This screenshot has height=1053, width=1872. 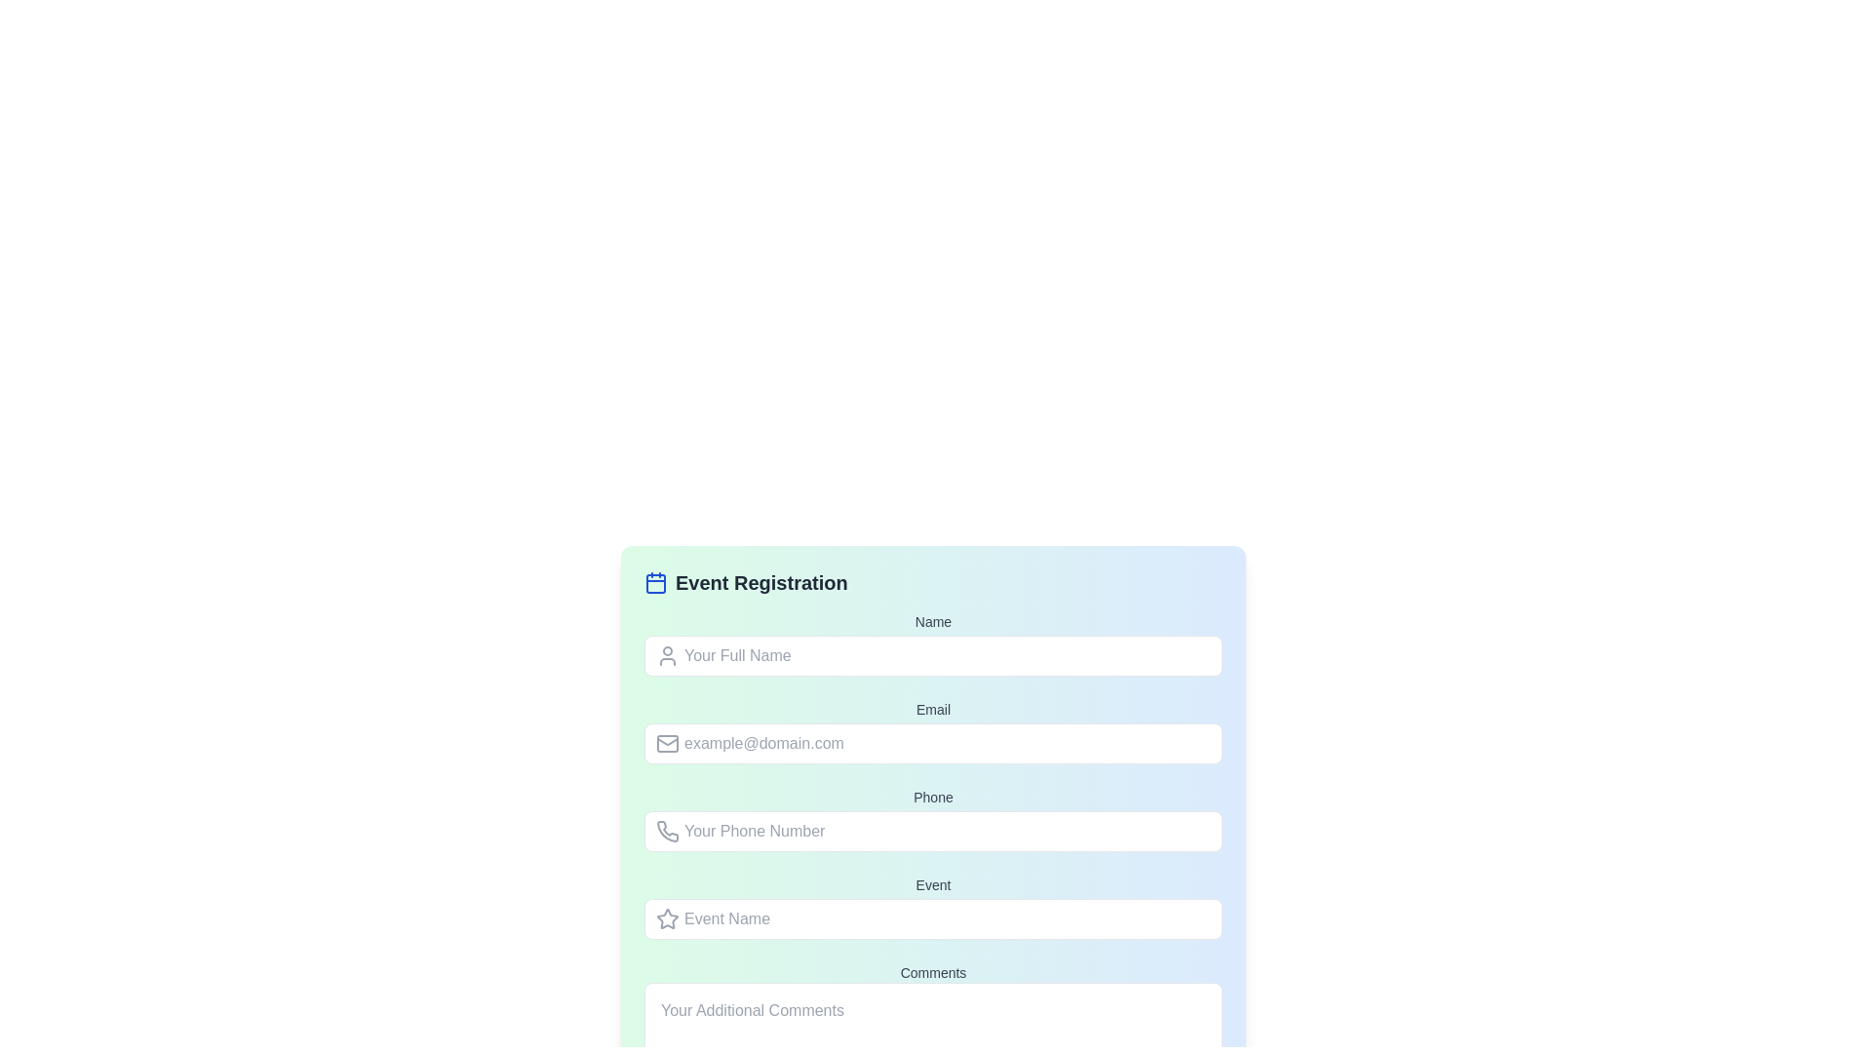 What do you see at coordinates (668, 918) in the screenshot?
I see `the star-shaped icon located to the left of the 'Event Name' input box in the event registration form, which serves a decorative or symbolic role` at bounding box center [668, 918].